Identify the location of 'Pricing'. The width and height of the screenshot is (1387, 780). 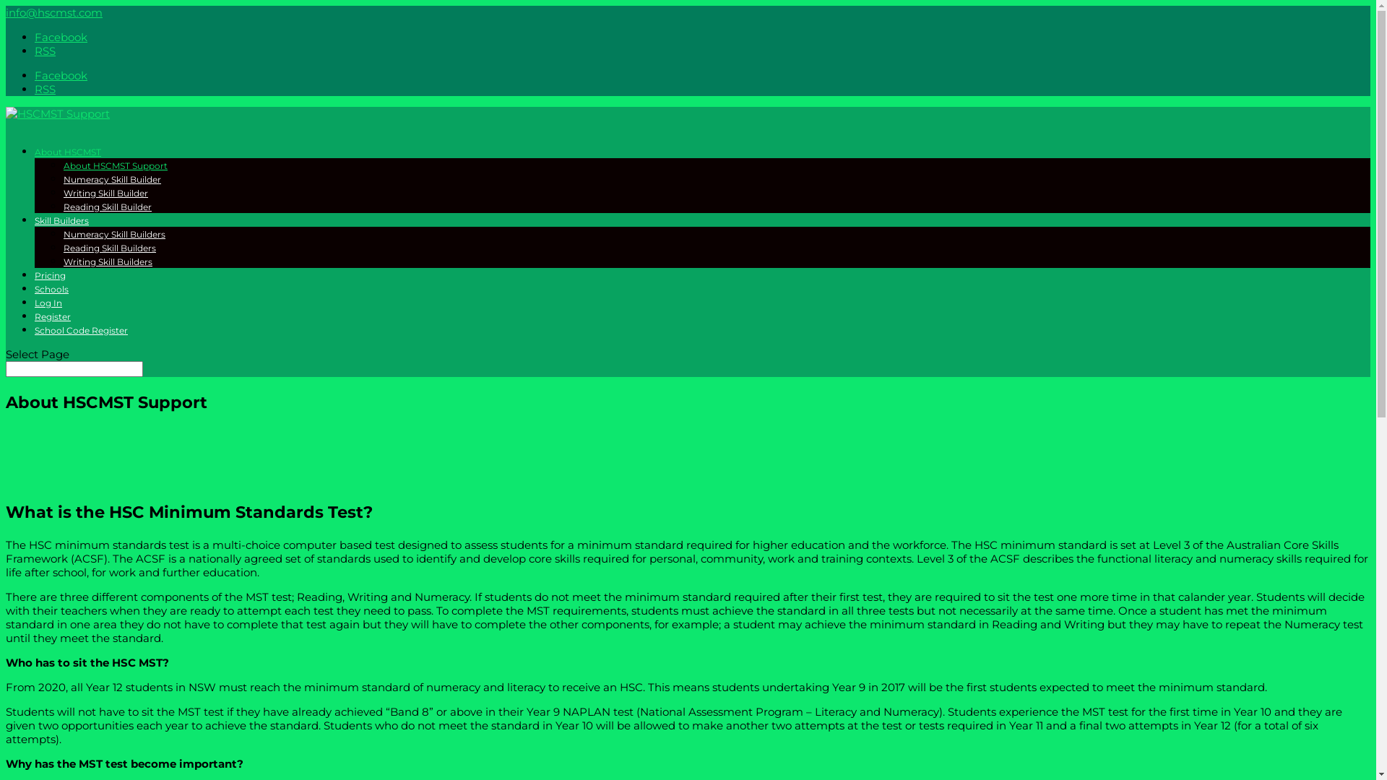
(50, 282).